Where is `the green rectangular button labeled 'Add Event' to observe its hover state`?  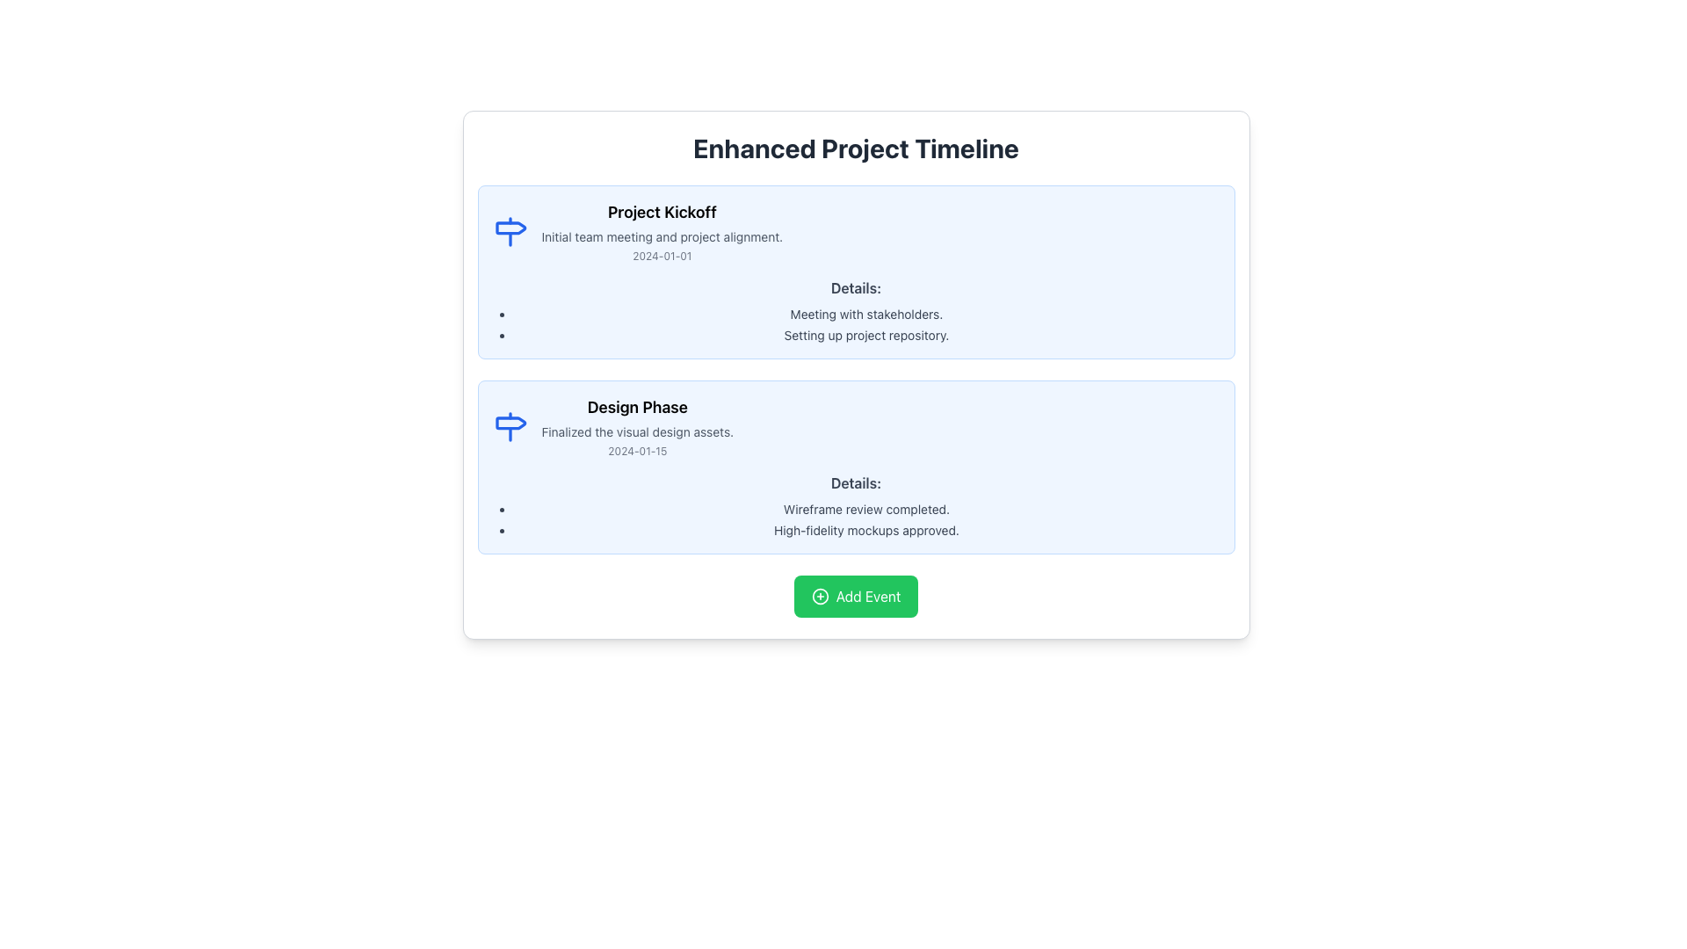 the green rectangular button labeled 'Add Event' to observe its hover state is located at coordinates (856, 595).